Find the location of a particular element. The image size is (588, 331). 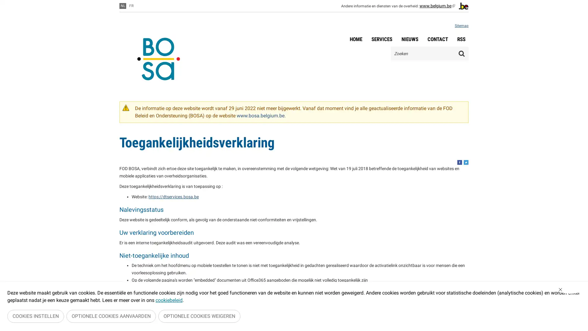

COOKIES INSTELLEN is located at coordinates (35, 317).